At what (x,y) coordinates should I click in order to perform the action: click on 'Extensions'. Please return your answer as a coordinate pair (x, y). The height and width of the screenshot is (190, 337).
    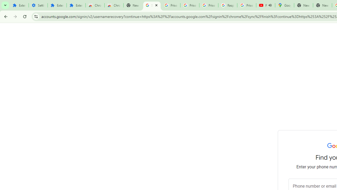
    Looking at the image, I should click on (57, 5).